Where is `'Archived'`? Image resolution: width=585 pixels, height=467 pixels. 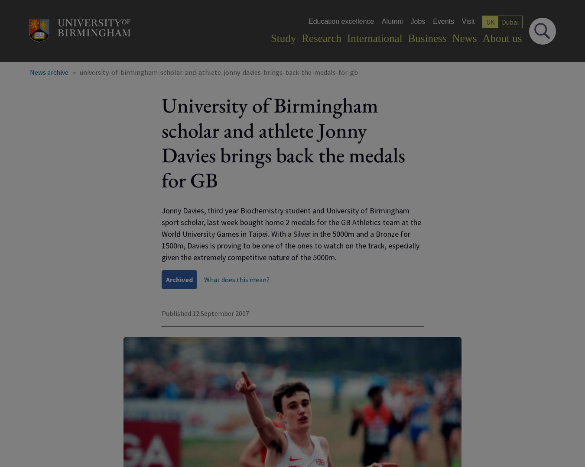 'Archived' is located at coordinates (179, 279).